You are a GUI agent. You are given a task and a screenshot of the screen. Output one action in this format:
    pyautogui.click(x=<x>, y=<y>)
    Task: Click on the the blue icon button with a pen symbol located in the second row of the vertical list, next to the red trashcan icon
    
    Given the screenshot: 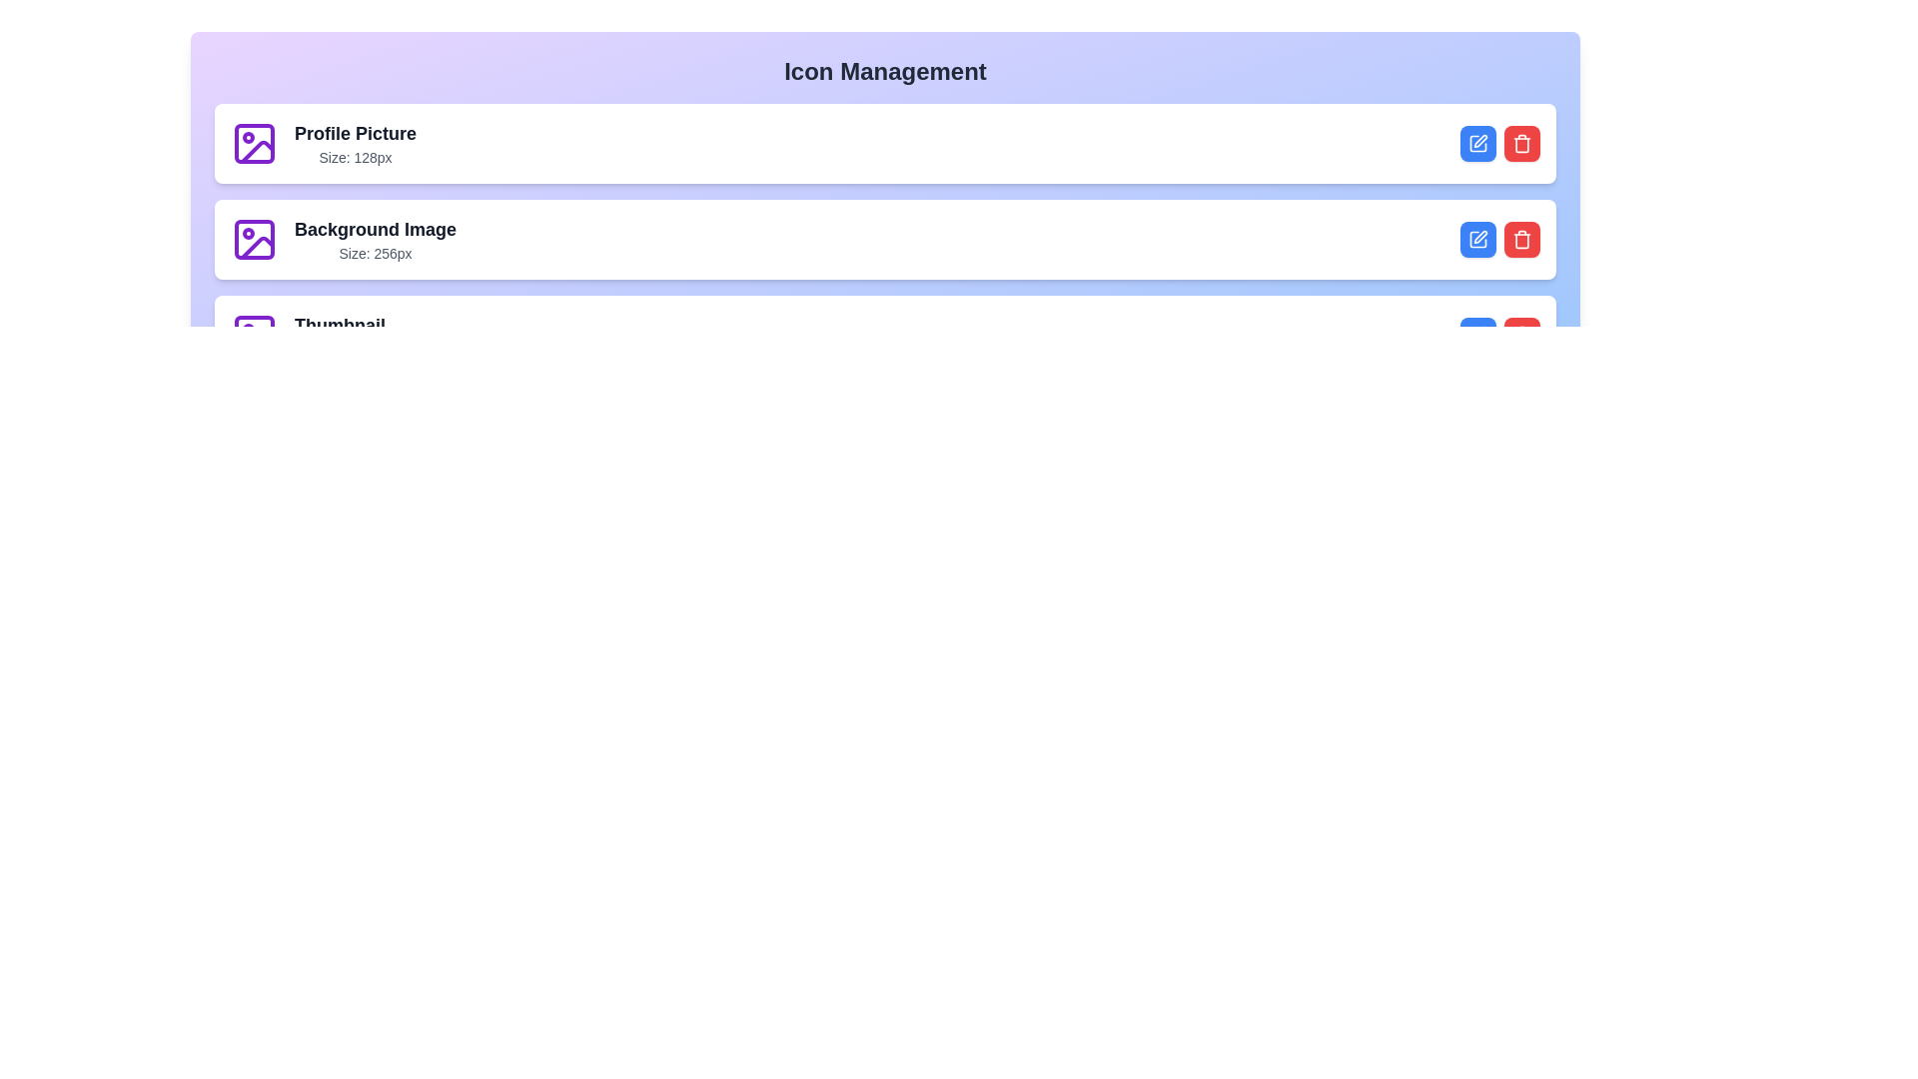 What is the action you would take?
    pyautogui.click(x=1477, y=238)
    